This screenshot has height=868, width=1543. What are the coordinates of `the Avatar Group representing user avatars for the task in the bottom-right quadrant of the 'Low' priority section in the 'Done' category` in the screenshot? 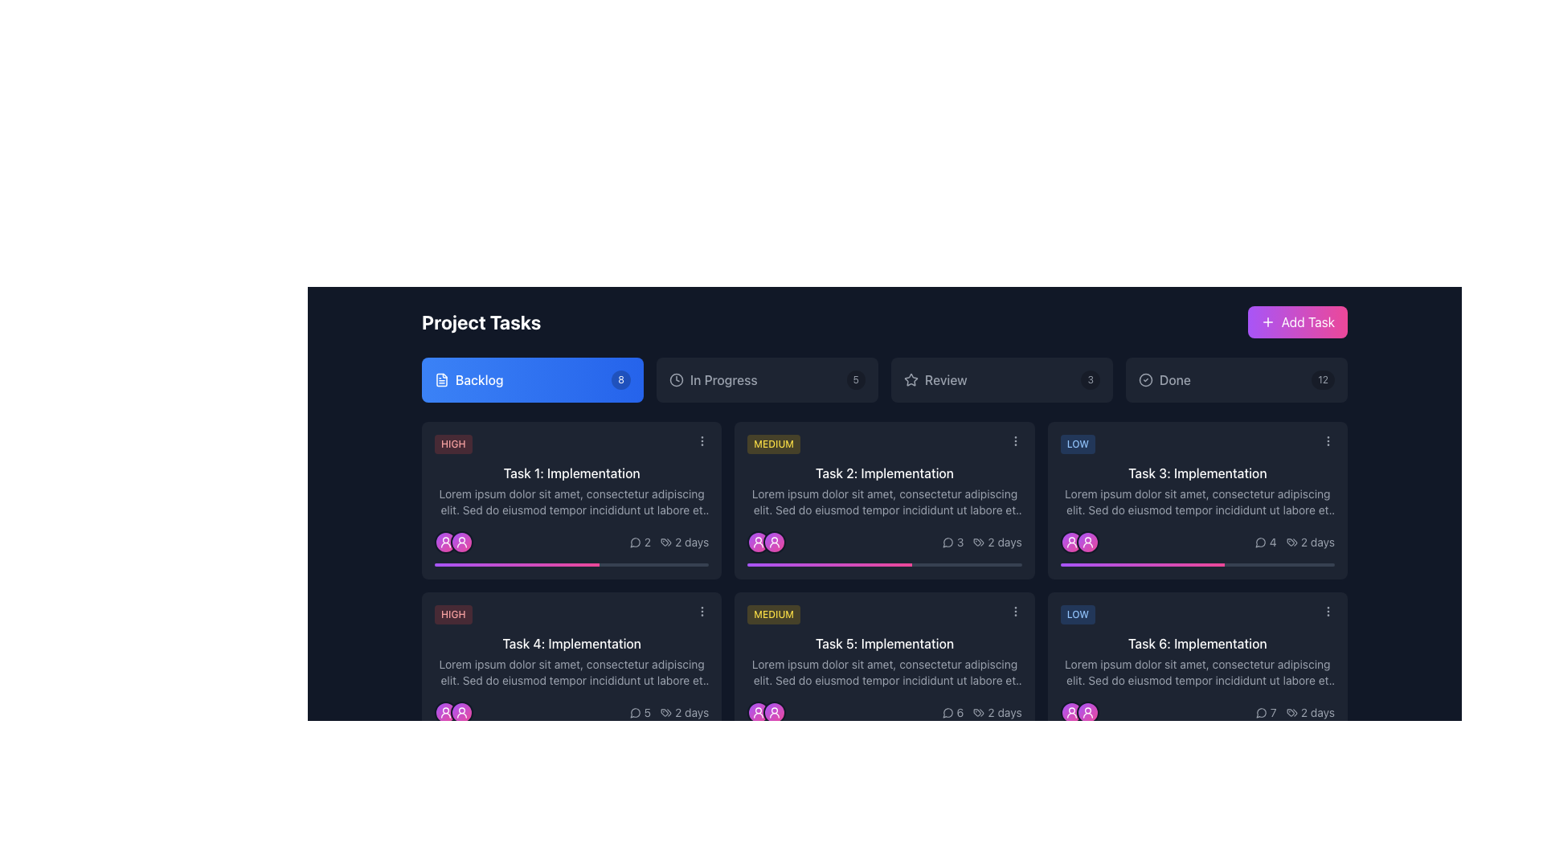 It's located at (1079, 712).